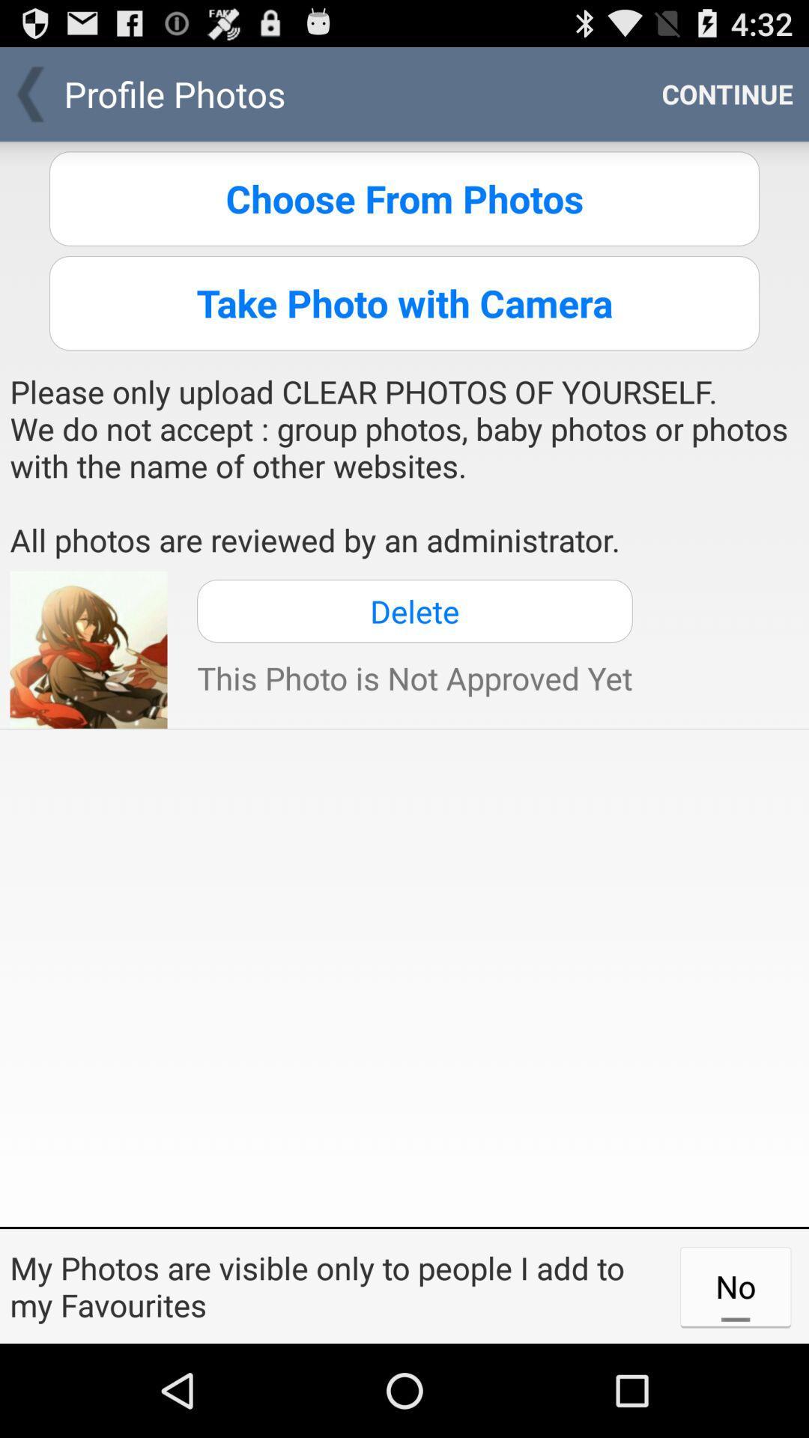 This screenshot has height=1438, width=809. I want to click on icon above choose from photos button, so click(727, 93).